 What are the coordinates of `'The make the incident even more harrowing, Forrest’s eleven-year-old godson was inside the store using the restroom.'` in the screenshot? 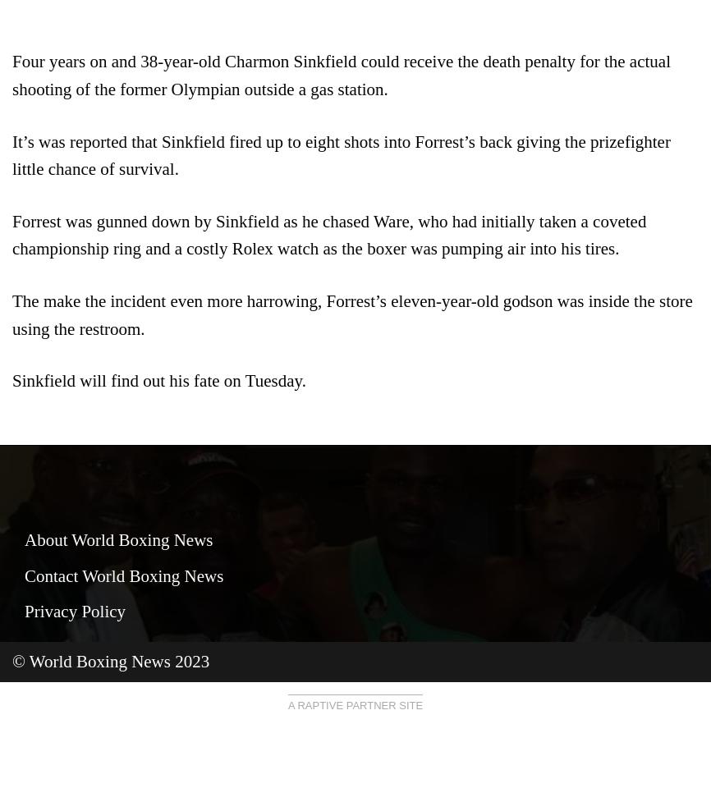 It's located at (11, 314).